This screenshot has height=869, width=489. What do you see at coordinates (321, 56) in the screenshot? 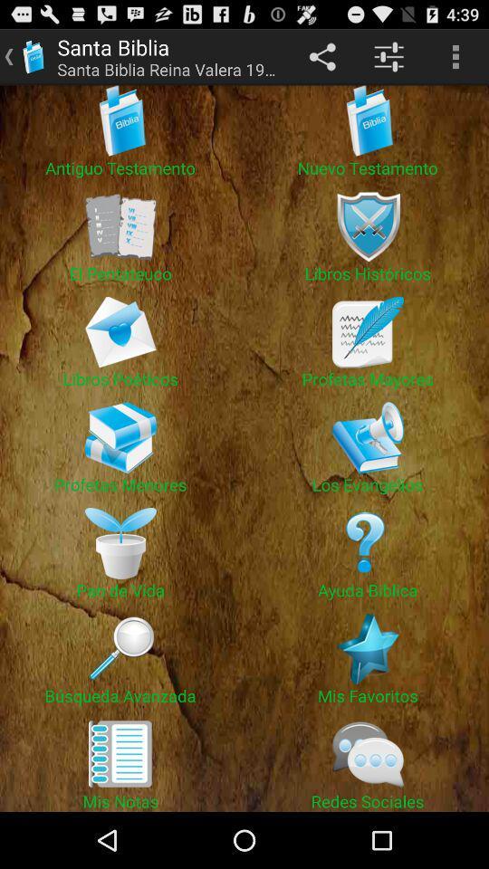
I see `item next to santa biblia reina app` at bounding box center [321, 56].